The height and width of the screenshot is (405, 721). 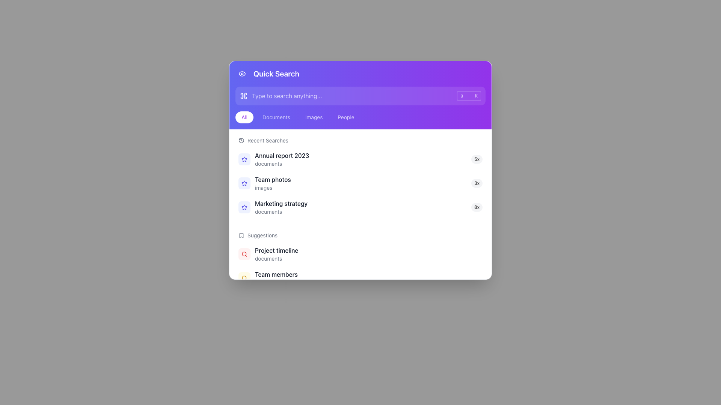 What do you see at coordinates (477, 183) in the screenshot?
I see `the compact, rounded rectangular label with a light gray background and black text displaying '3x', which serves as a count indicator beside 'Team photos images' in the Recent Searches list` at bounding box center [477, 183].